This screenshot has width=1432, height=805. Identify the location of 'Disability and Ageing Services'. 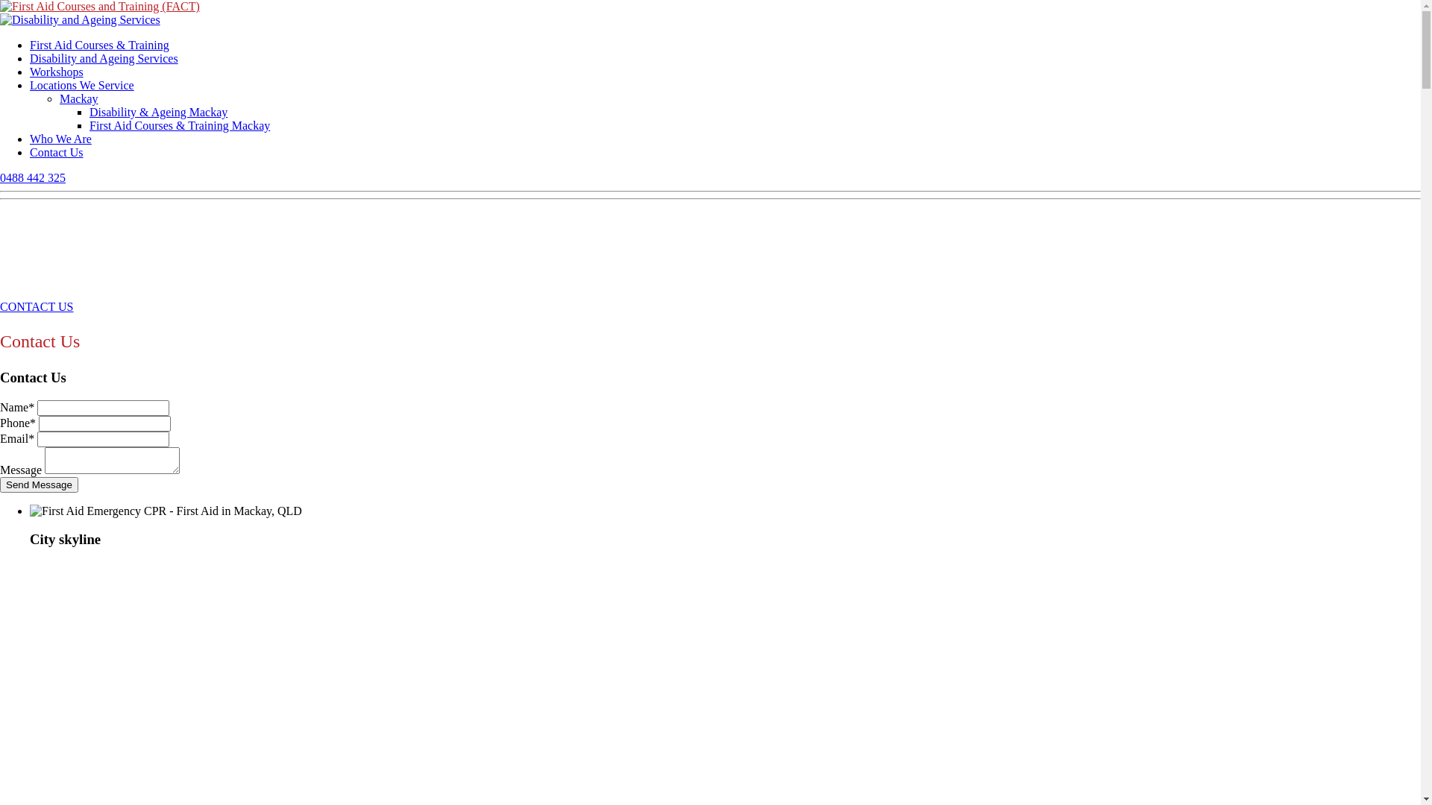
(79, 20).